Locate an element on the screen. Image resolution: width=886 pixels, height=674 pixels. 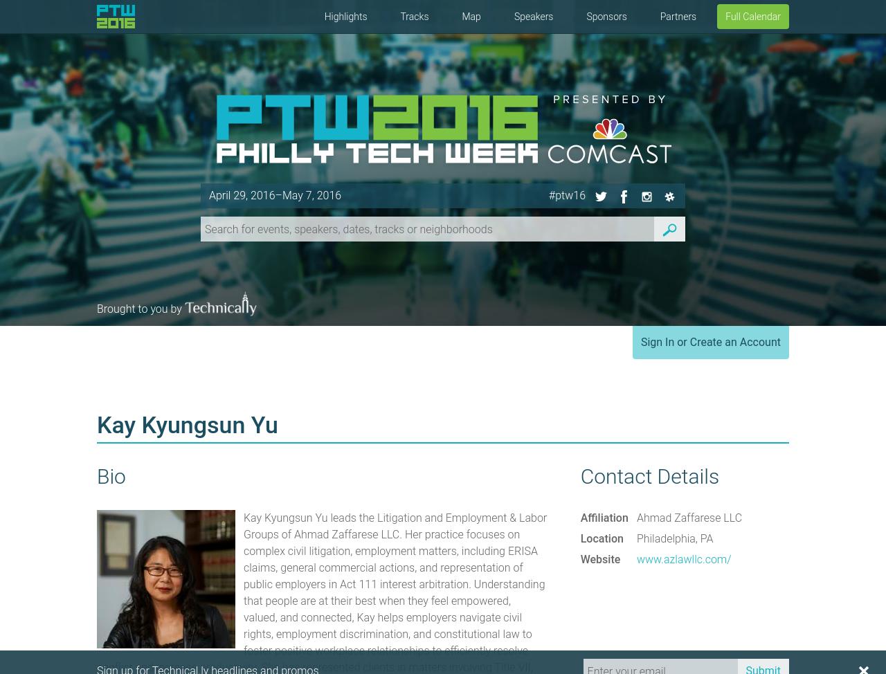
'Sign In or Create an Account' is located at coordinates (710, 342).